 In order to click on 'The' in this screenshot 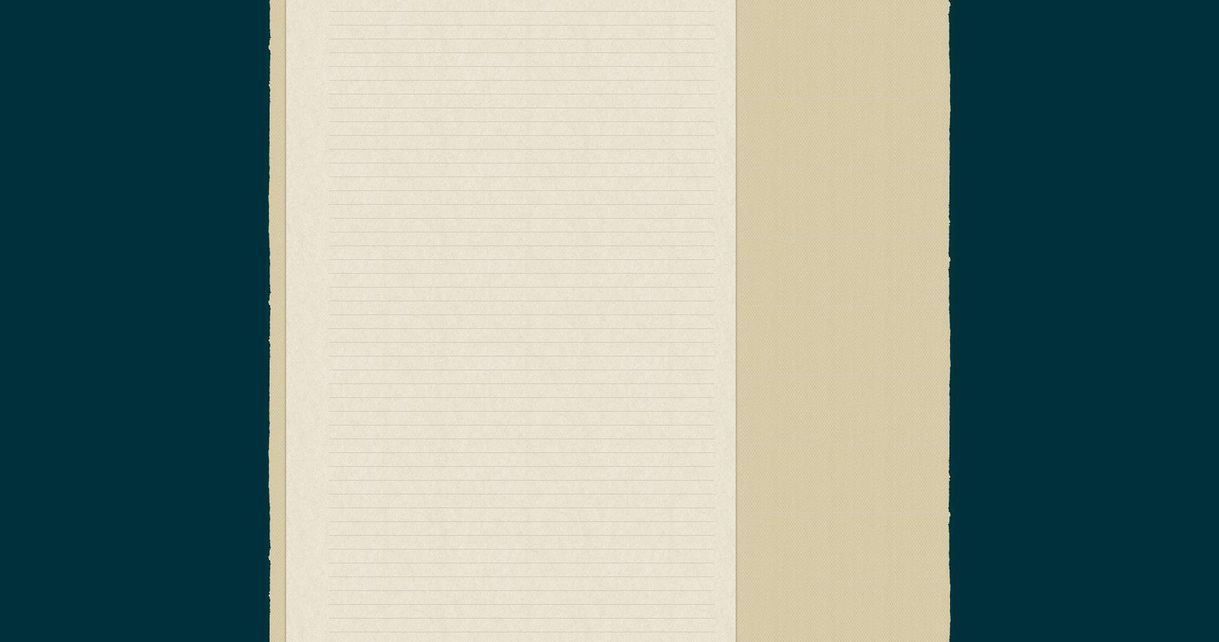, I will do `click(632, 490)`.